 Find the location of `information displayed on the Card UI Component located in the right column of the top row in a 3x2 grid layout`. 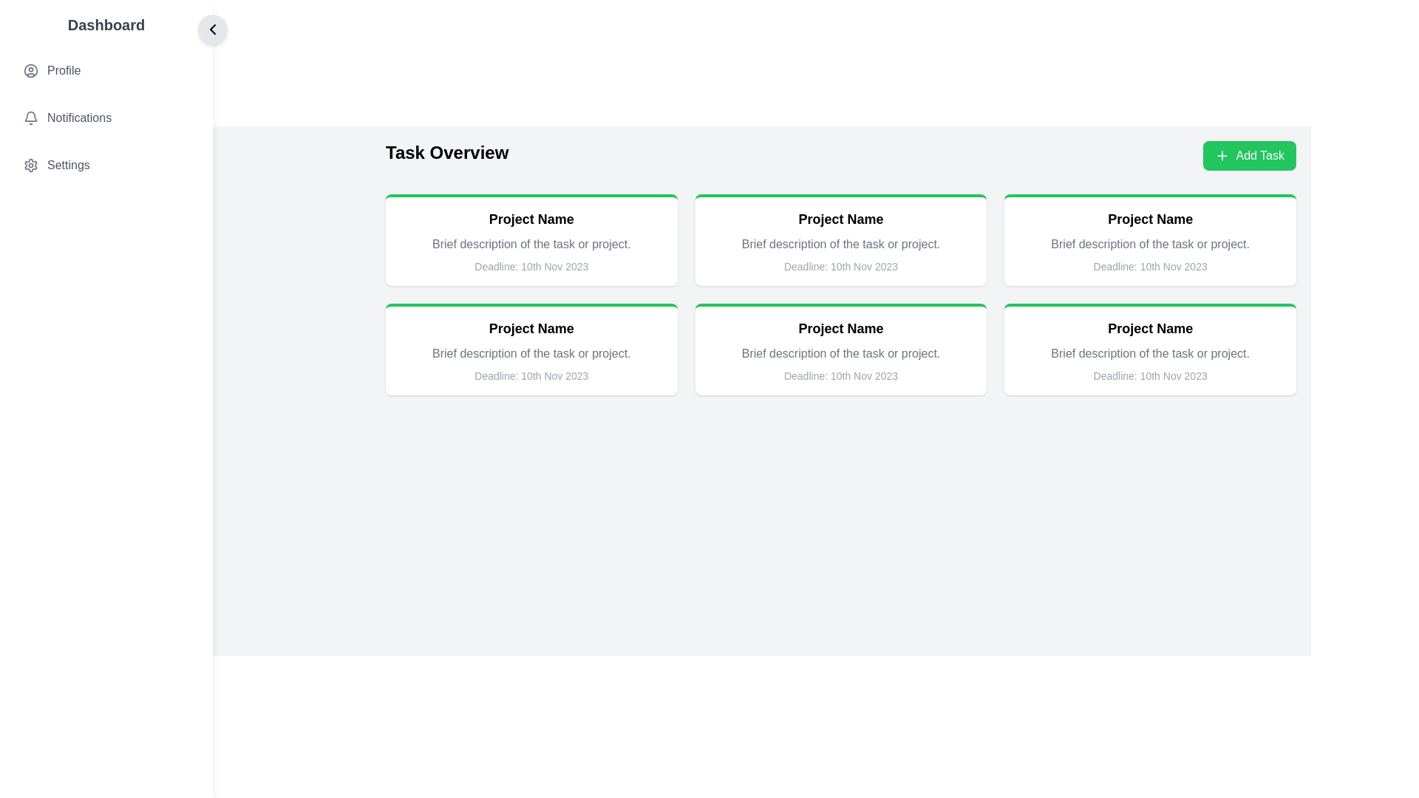

information displayed on the Card UI Component located in the right column of the top row in a 3x2 grid layout is located at coordinates (1149, 239).